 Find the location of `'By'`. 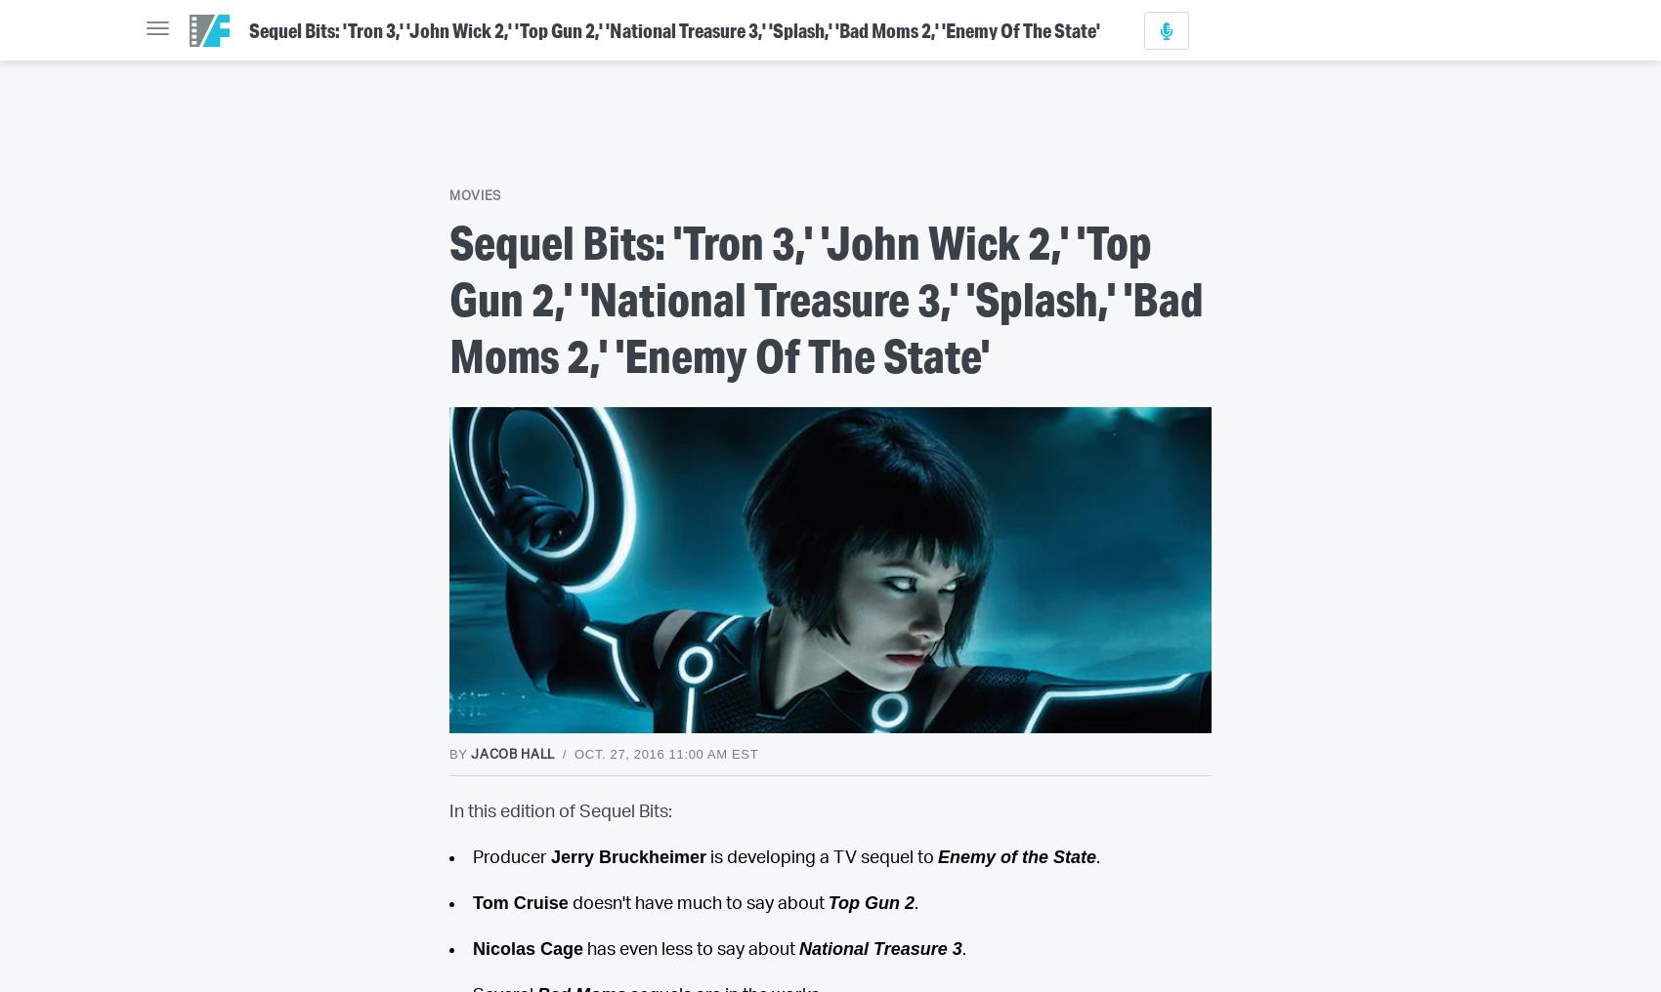

'By' is located at coordinates (458, 753).